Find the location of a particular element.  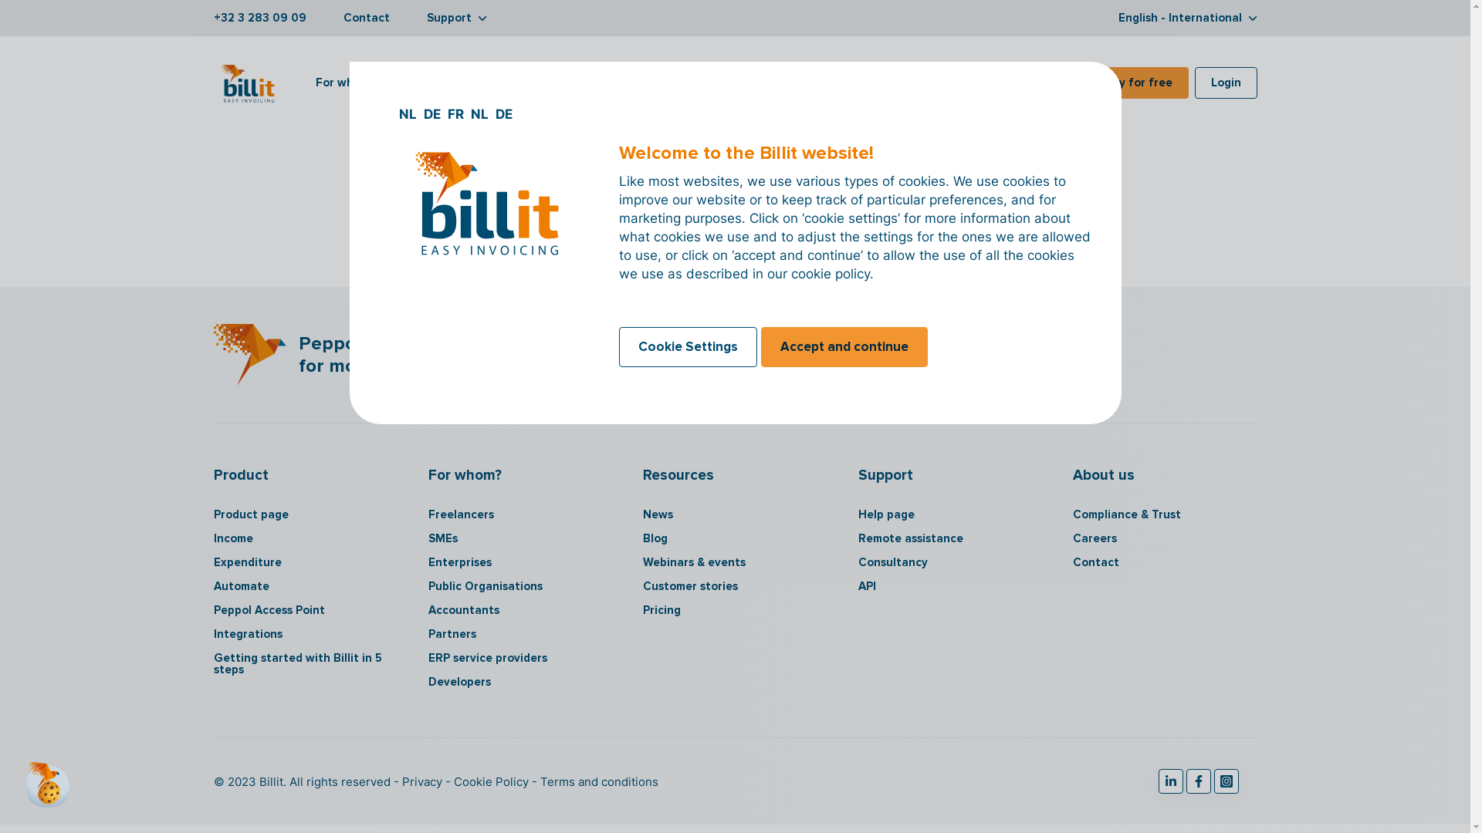

'SMEs' is located at coordinates (519, 538).